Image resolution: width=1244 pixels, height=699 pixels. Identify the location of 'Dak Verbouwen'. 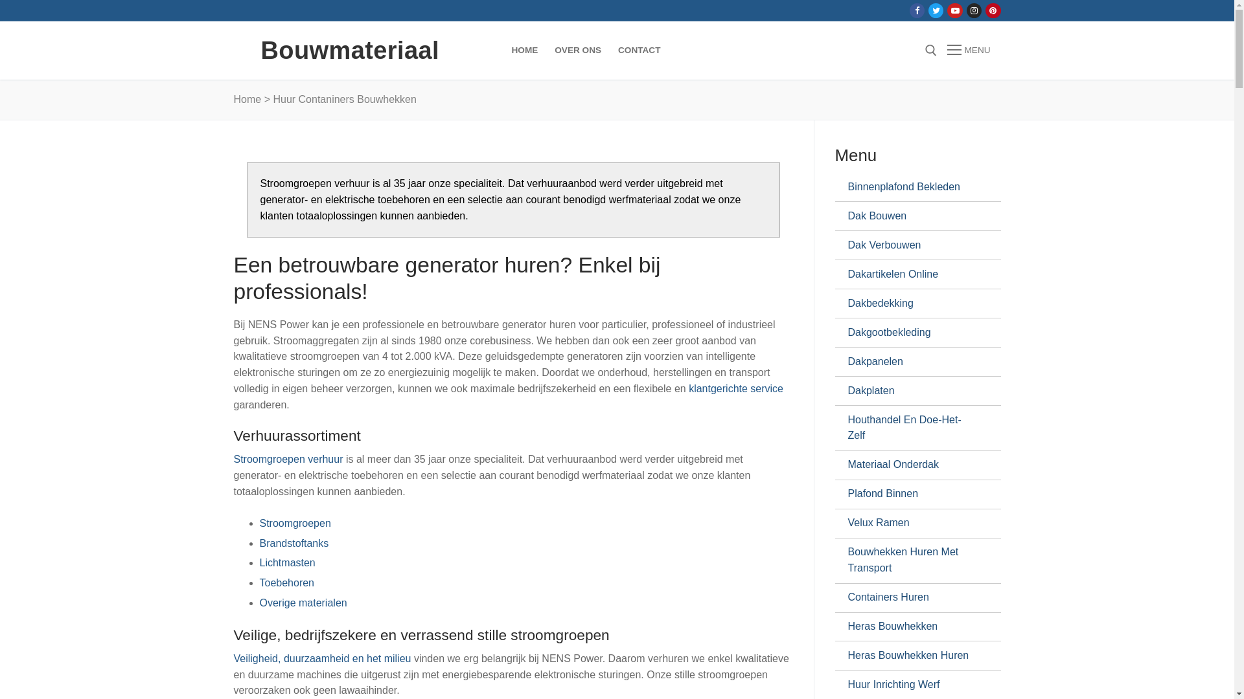
(911, 245).